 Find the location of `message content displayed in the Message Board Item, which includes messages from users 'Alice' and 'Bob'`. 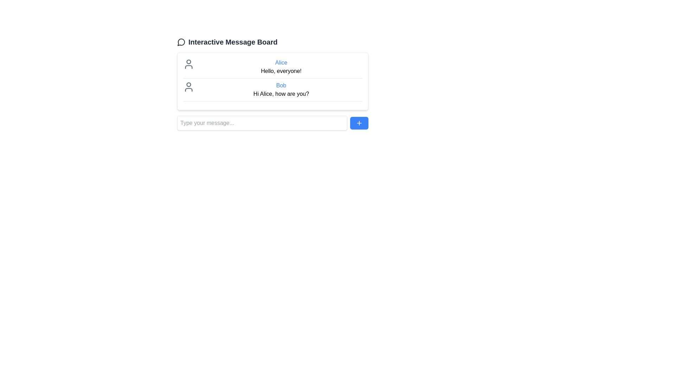

message content displayed in the Message Board Item, which includes messages from users 'Alice' and 'Bob' is located at coordinates (272, 81).